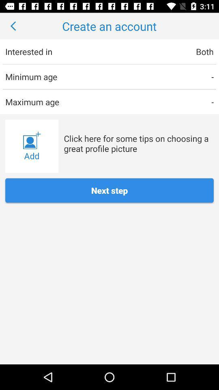  Describe the element at coordinates (138, 143) in the screenshot. I see `click here for icon` at that location.